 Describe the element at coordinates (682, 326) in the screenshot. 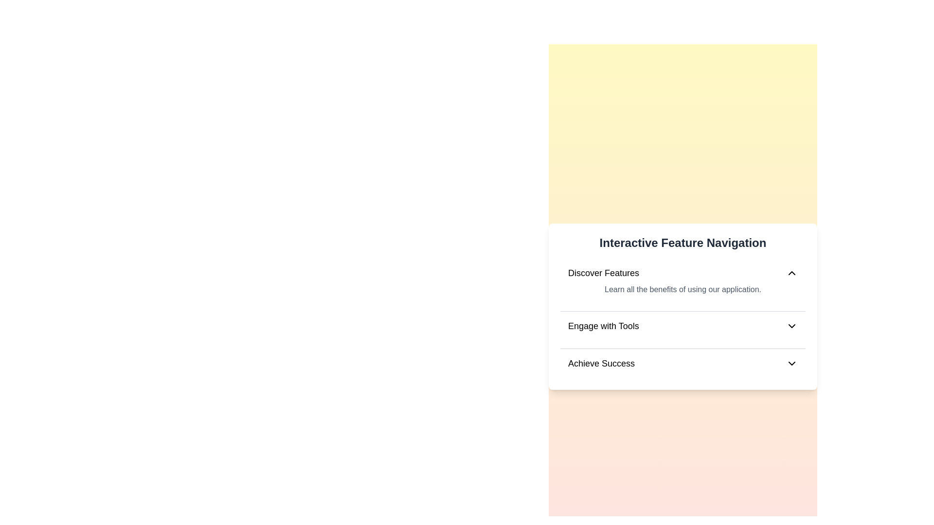

I see `the element corresponding to Engage with Tools` at that location.